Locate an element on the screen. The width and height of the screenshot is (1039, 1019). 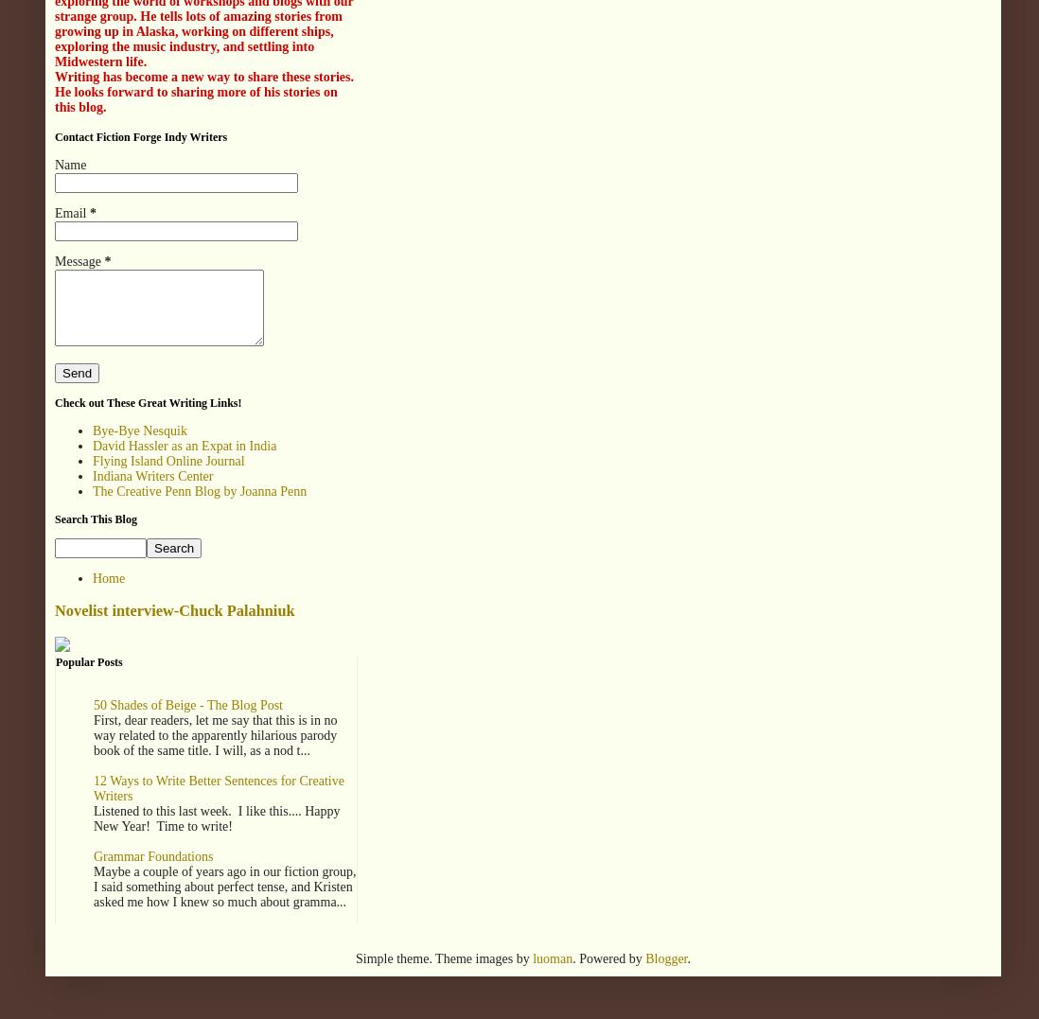
'First, dear readers, let me say that this is in no way related to the apparently hilarious parody book of the same title. I will, as a nod t...' is located at coordinates (214, 733).